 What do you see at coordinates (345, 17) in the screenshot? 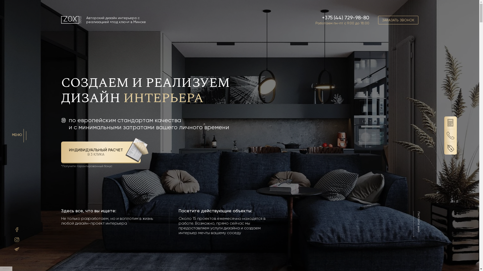
I see `'+375 (44) 729-98-80'` at bounding box center [345, 17].